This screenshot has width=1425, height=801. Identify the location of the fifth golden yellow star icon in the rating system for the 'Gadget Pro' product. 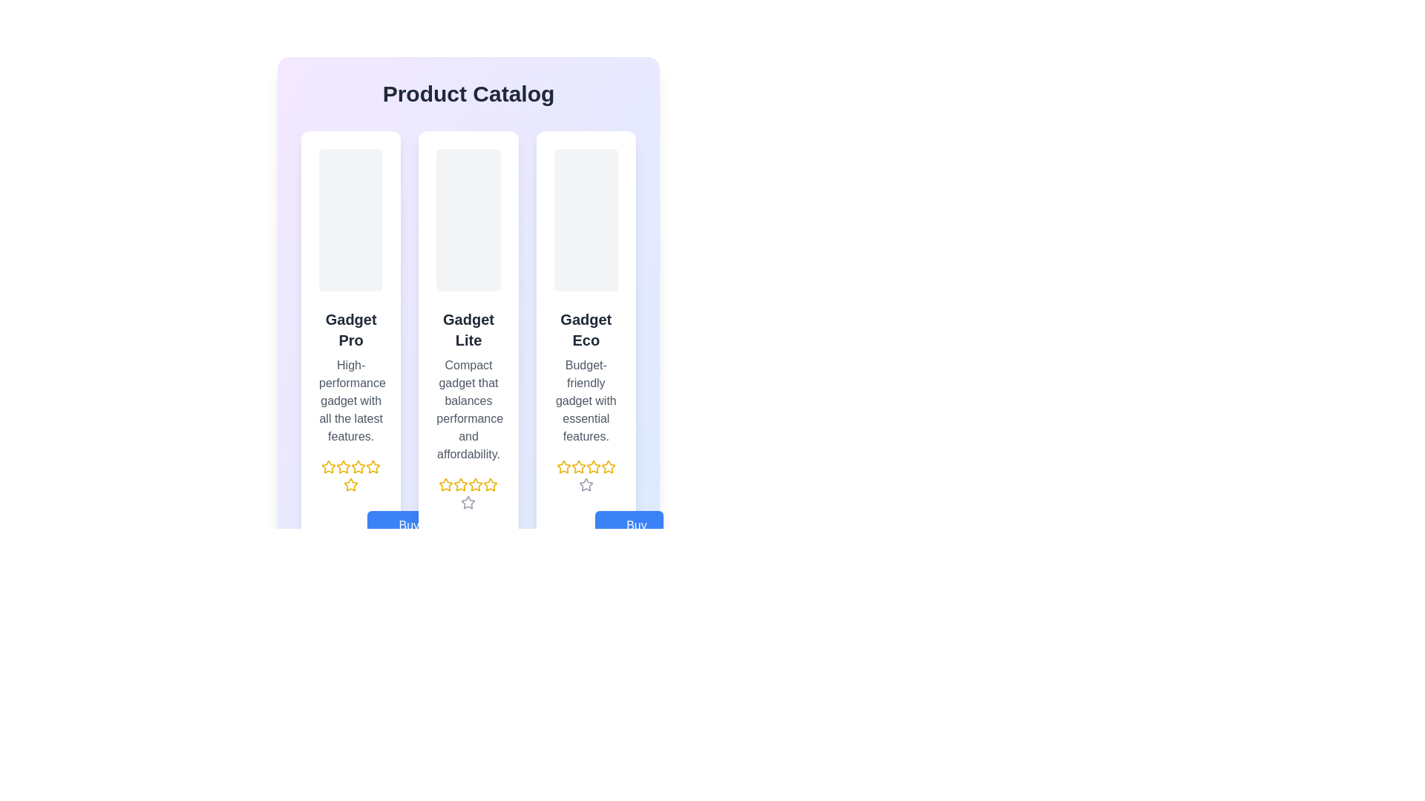
(350, 484).